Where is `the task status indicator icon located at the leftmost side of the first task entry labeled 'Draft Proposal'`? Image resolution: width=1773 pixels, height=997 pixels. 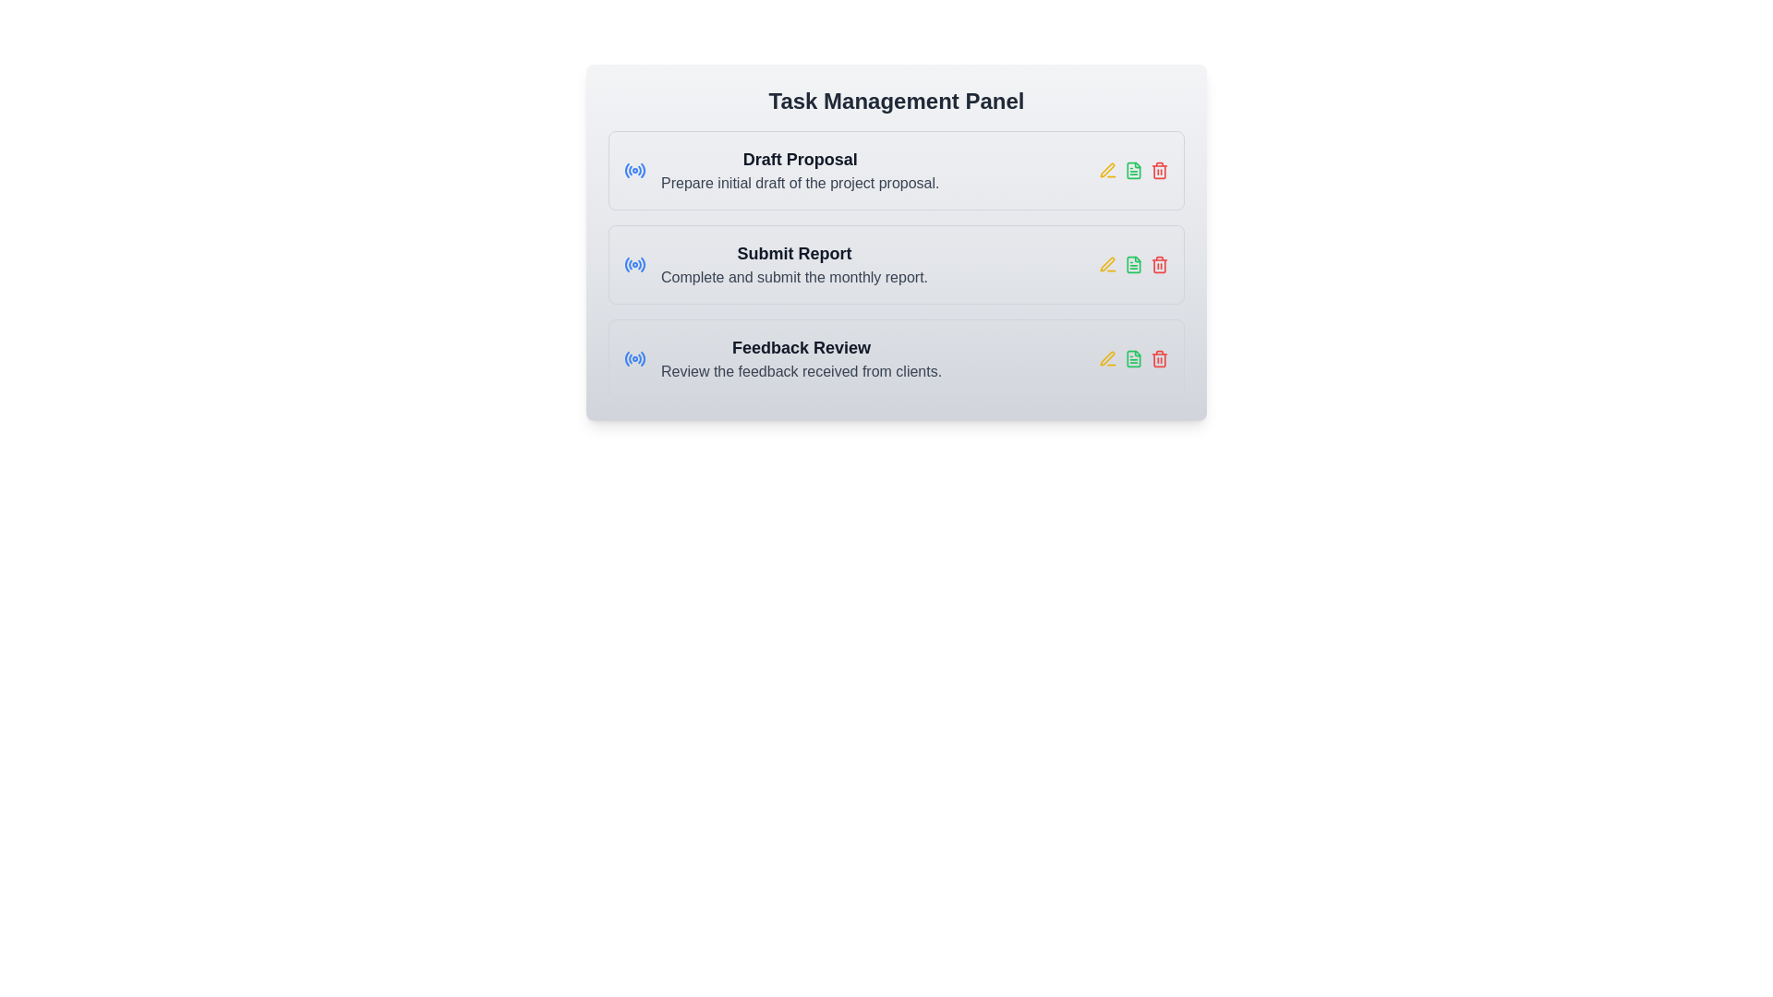 the task status indicator icon located at the leftmost side of the first task entry labeled 'Draft Proposal' is located at coordinates (634, 171).